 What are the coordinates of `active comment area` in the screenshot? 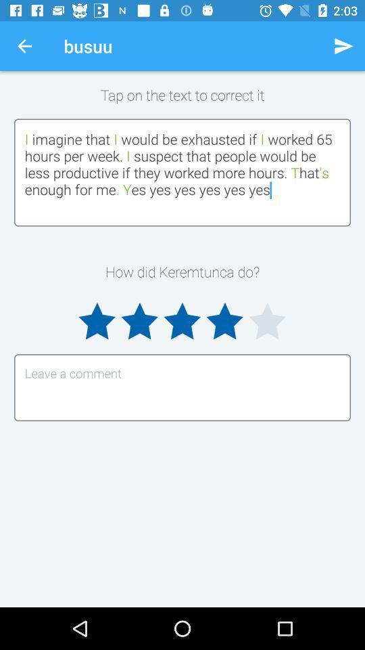 It's located at (182, 387).